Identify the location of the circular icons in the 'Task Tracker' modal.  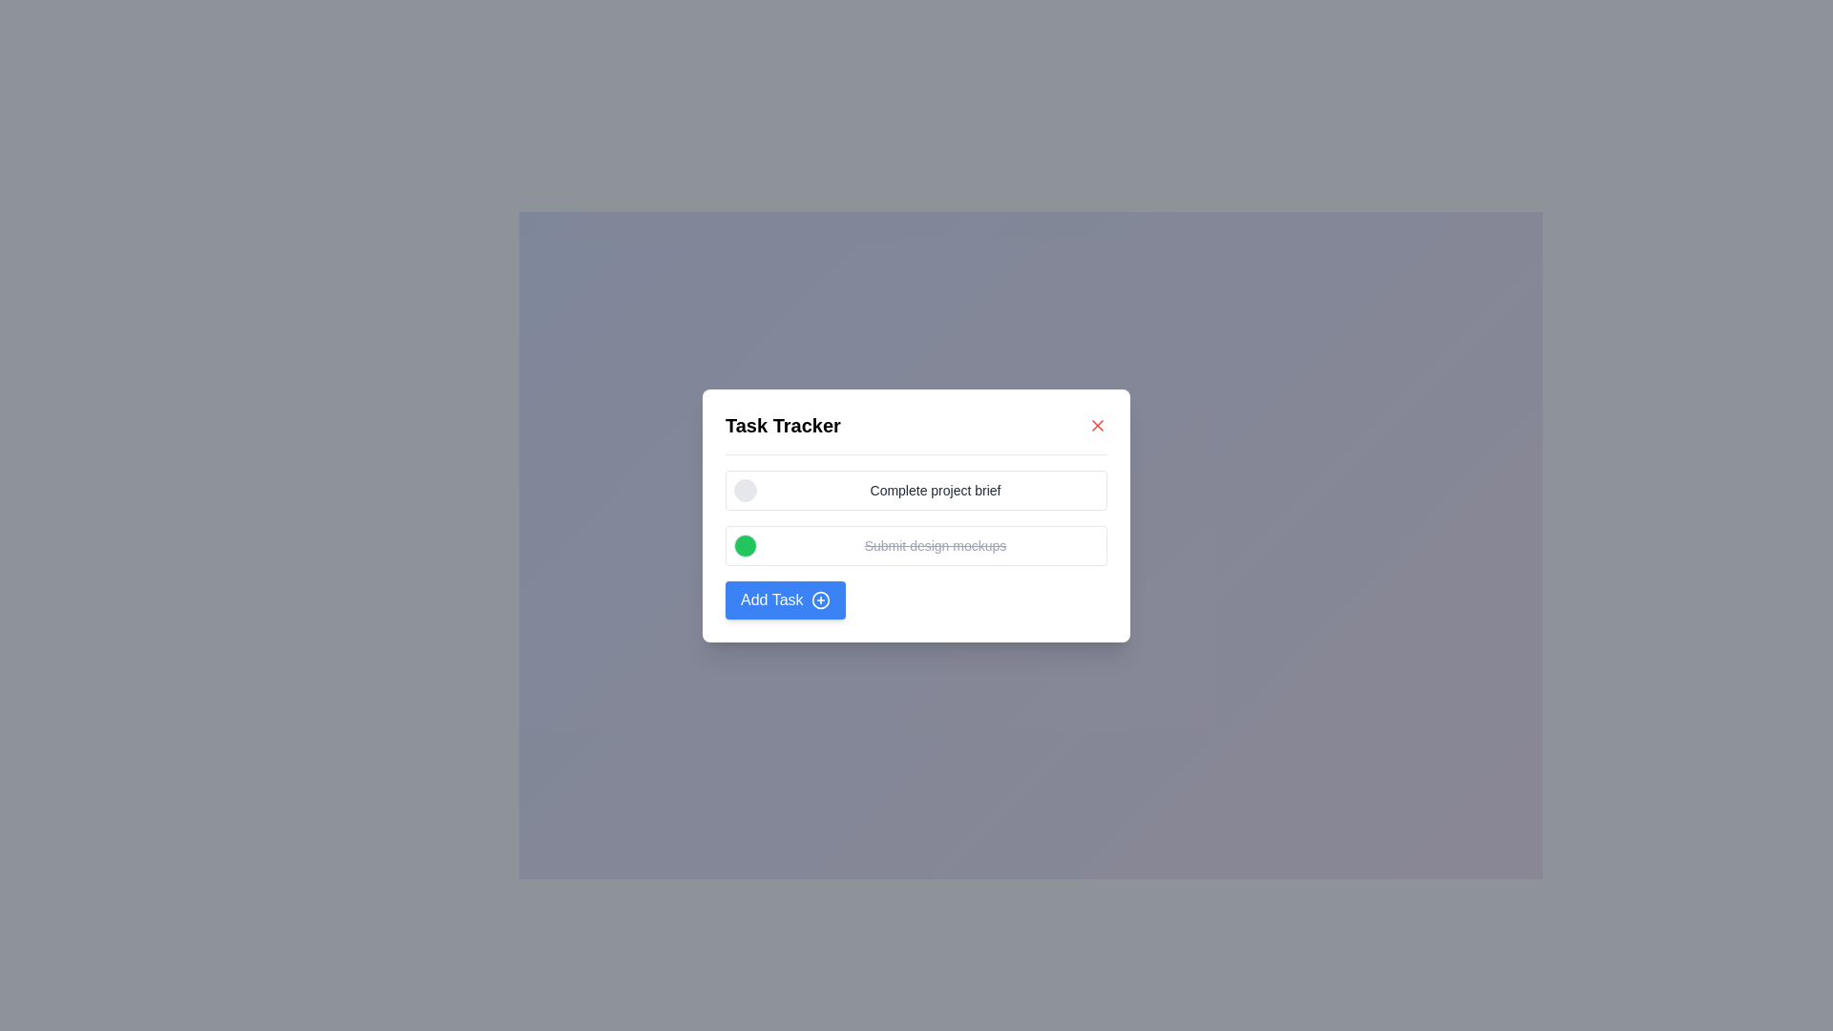
(916, 515).